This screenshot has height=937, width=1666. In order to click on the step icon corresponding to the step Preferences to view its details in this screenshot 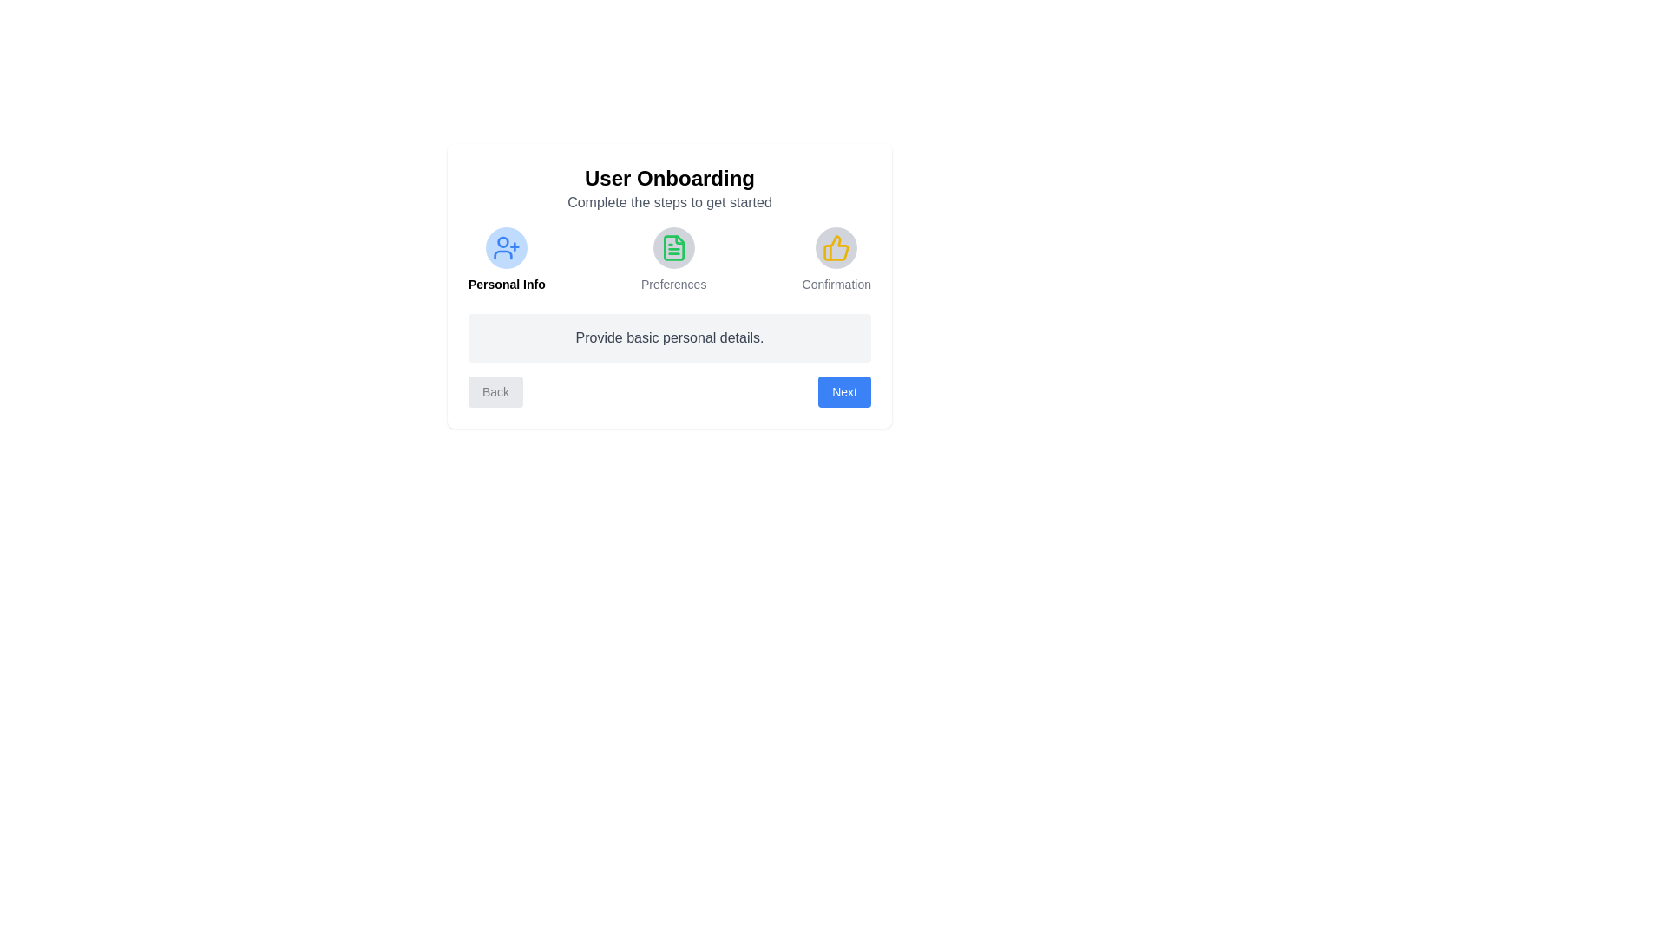, I will do `click(672, 247)`.